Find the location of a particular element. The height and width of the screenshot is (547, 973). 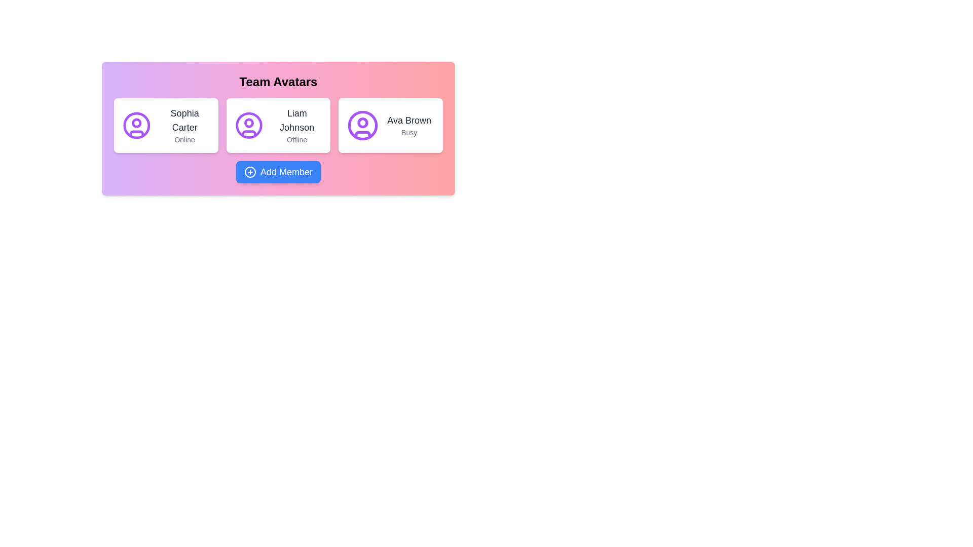

the small circular icon with a purple border inside the user avatar for 'Liam Johnson' in the 'Team Avatars' section is located at coordinates (249, 123).